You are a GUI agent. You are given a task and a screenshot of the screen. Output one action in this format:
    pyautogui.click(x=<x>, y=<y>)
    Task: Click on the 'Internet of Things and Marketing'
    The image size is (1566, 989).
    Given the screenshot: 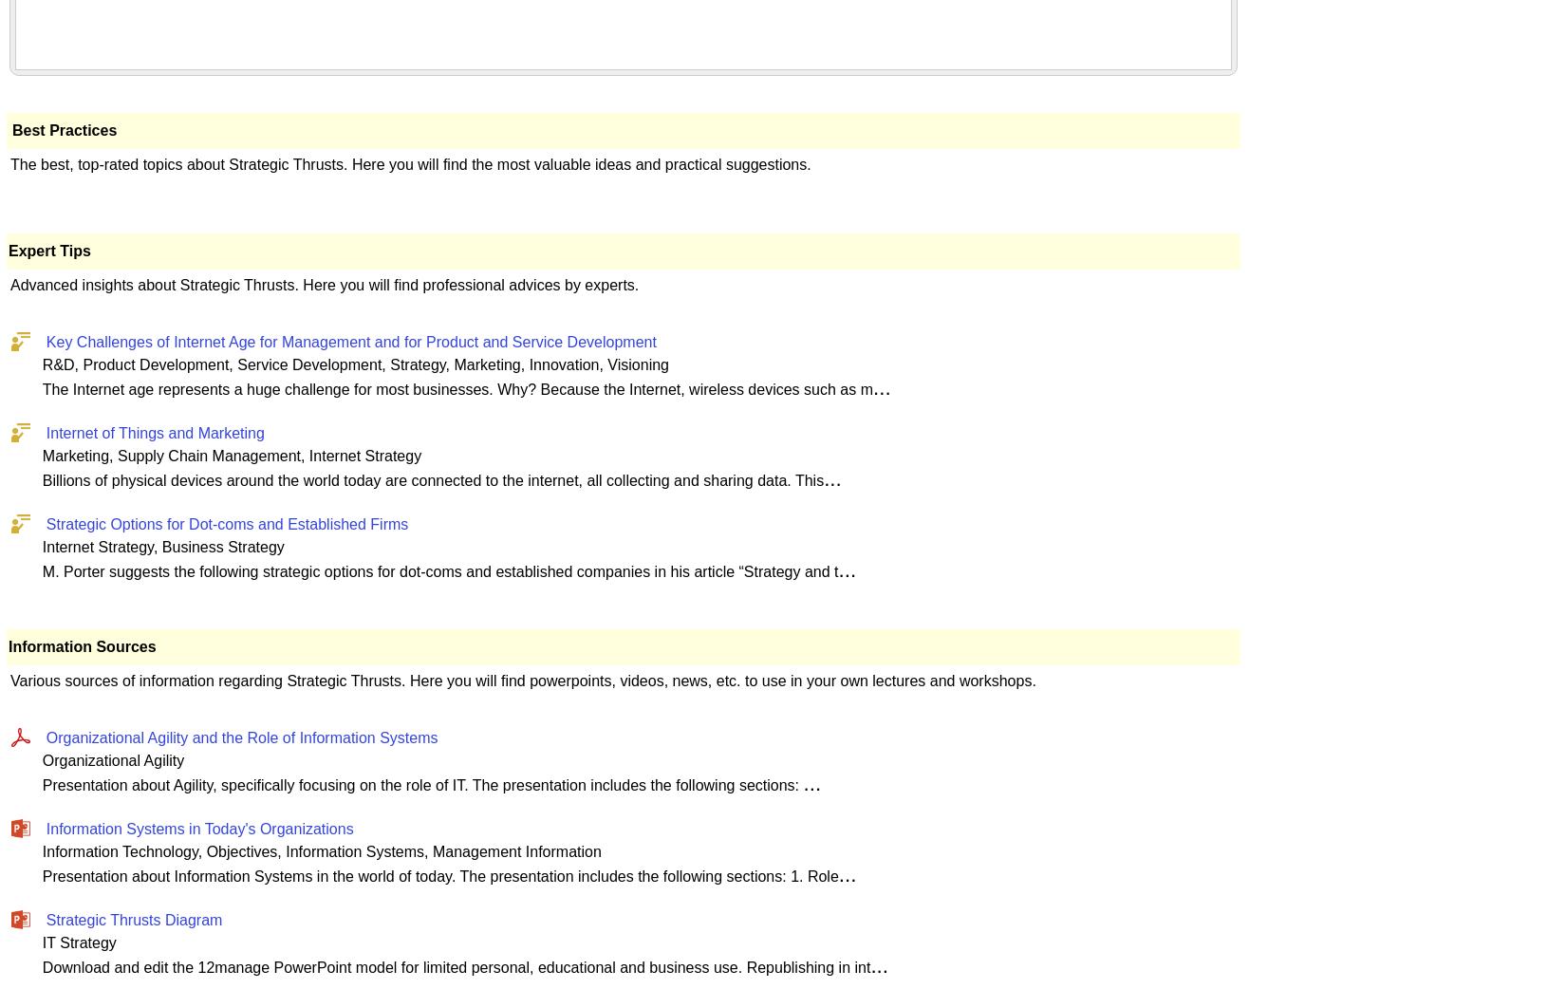 What is the action you would take?
    pyautogui.click(x=155, y=432)
    